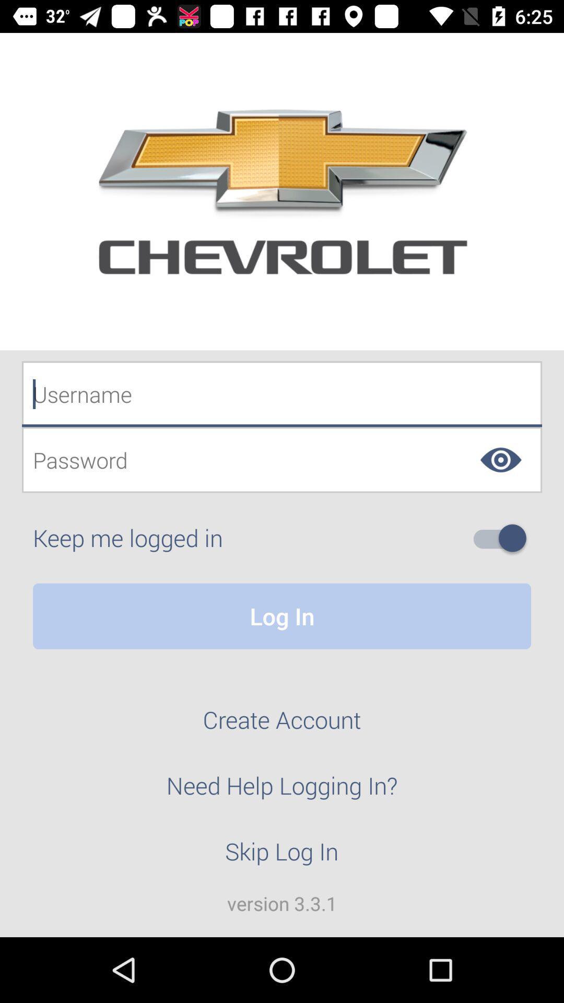 The height and width of the screenshot is (1003, 564). Describe the element at coordinates (503, 538) in the screenshot. I see `icon to the right of the keep me logged icon` at that location.